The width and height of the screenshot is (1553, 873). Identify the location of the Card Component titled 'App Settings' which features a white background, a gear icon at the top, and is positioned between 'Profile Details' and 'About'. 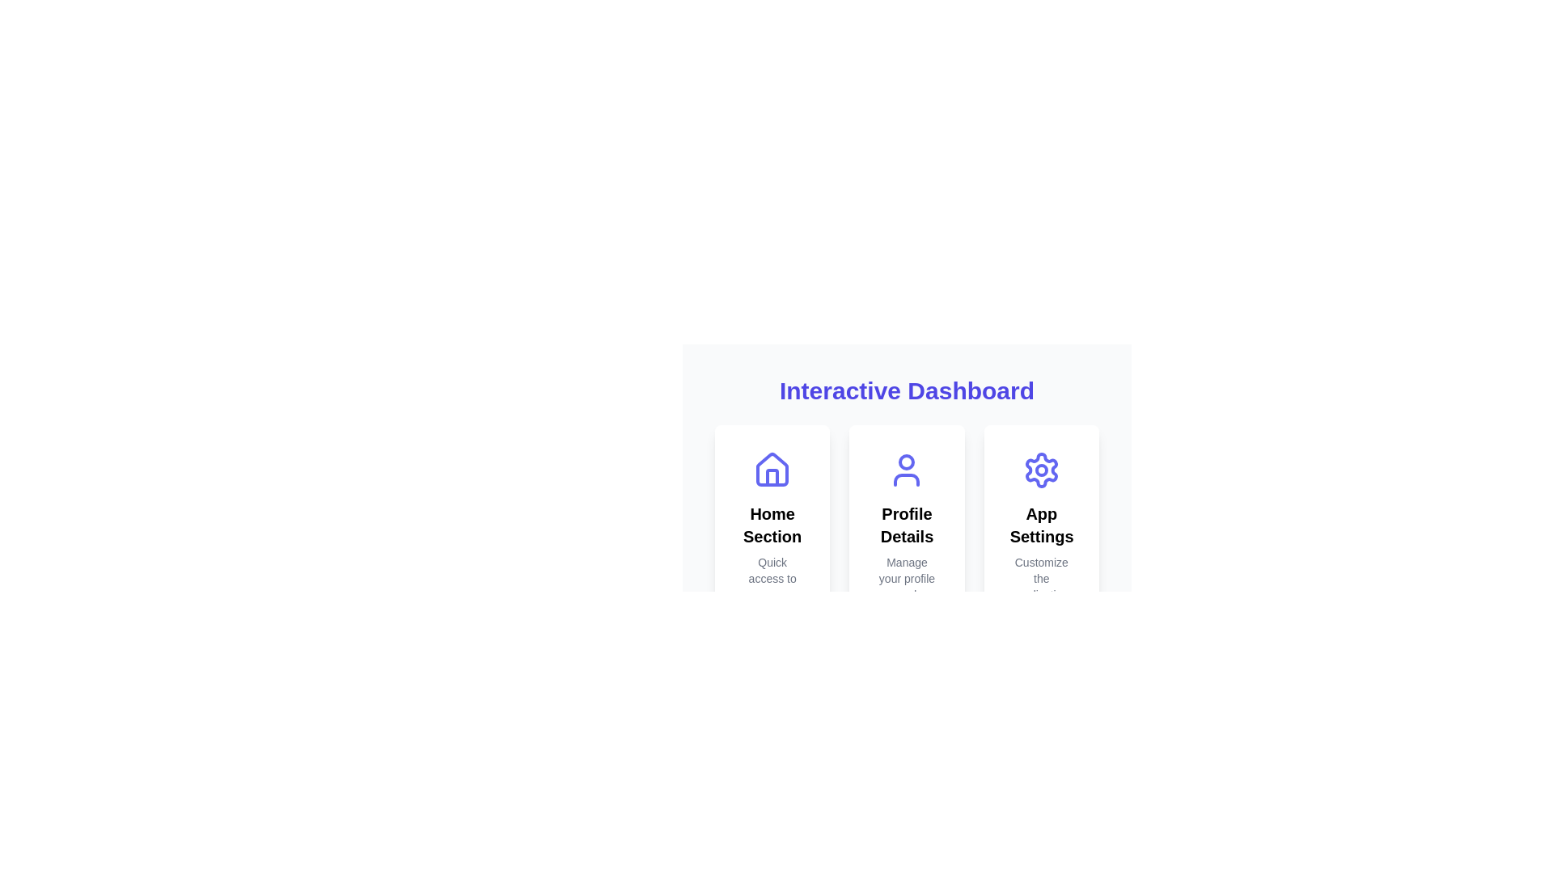
(1041, 550).